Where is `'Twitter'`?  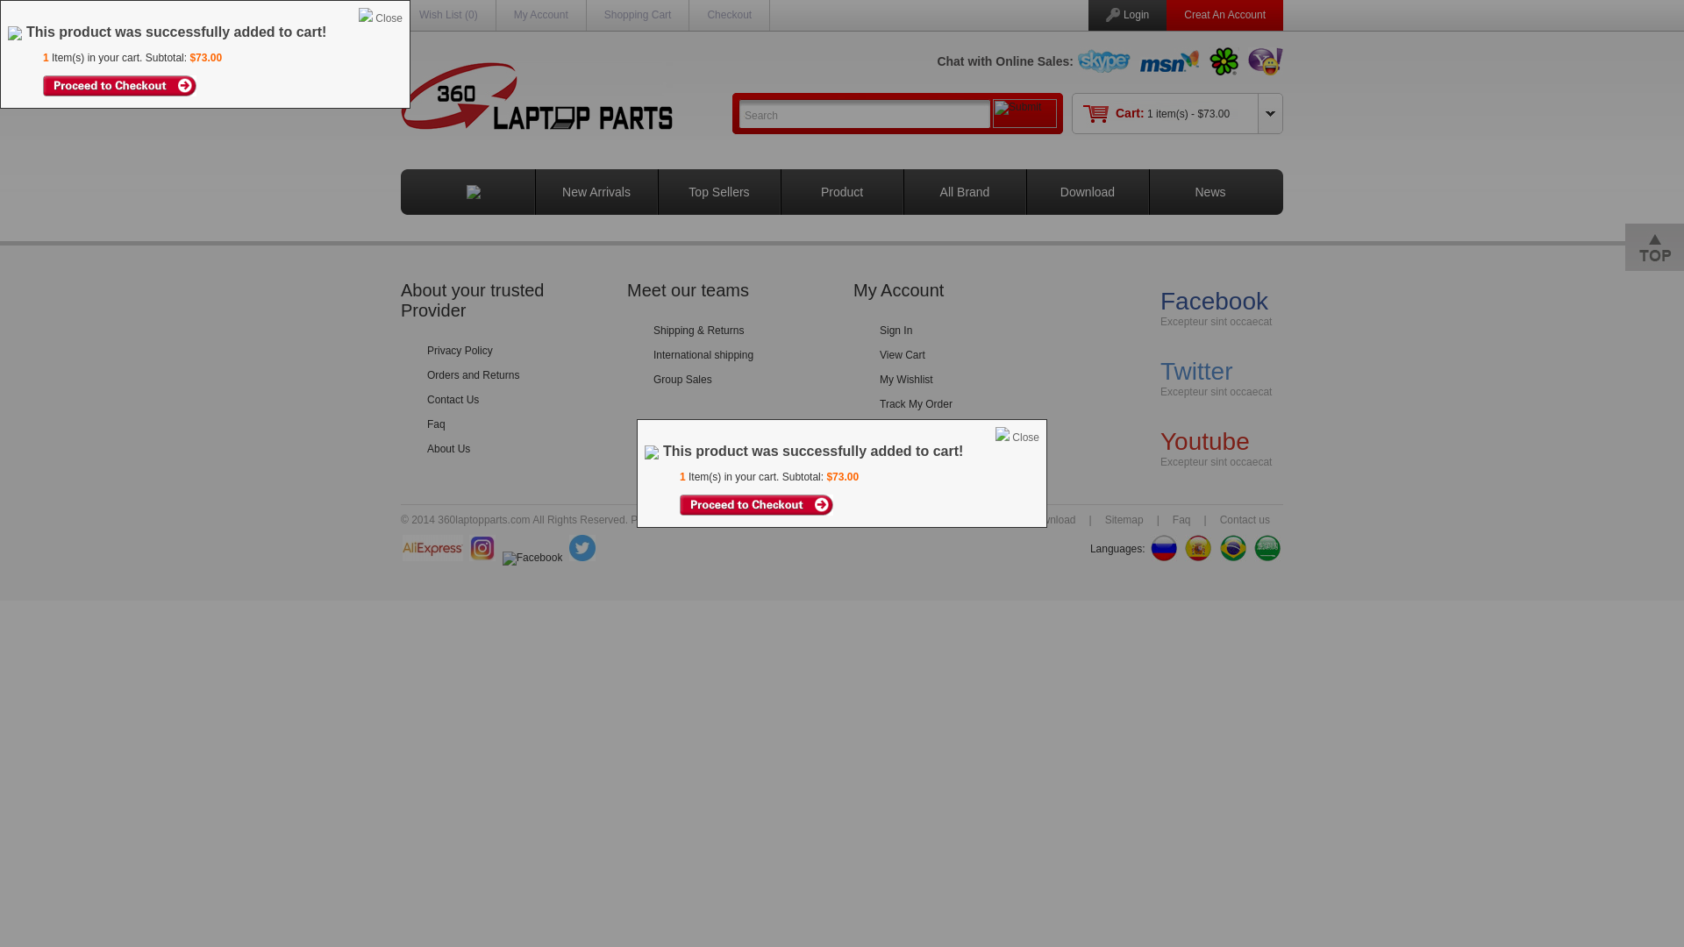 'Twitter' is located at coordinates (1195, 370).